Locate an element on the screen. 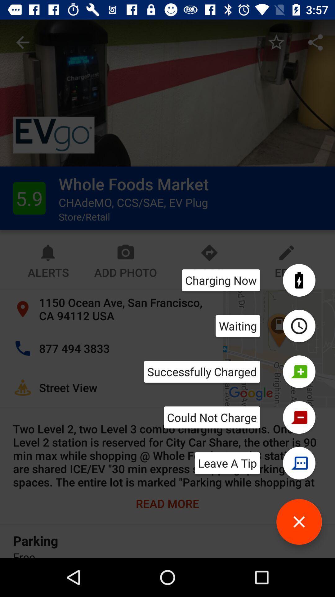 This screenshot has height=597, width=335. the close icon is located at coordinates (299, 522).